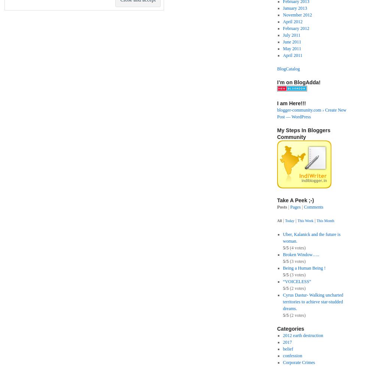 This screenshot has width=367, height=367. Describe the element at coordinates (288, 349) in the screenshot. I see `'belief'` at that location.